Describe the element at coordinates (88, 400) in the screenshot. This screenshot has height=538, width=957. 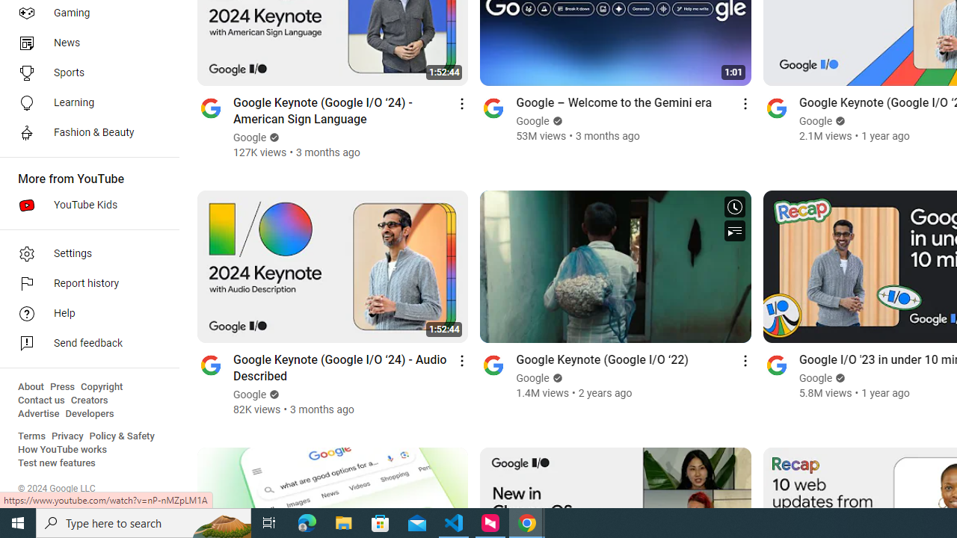
I see `'Creators'` at that location.